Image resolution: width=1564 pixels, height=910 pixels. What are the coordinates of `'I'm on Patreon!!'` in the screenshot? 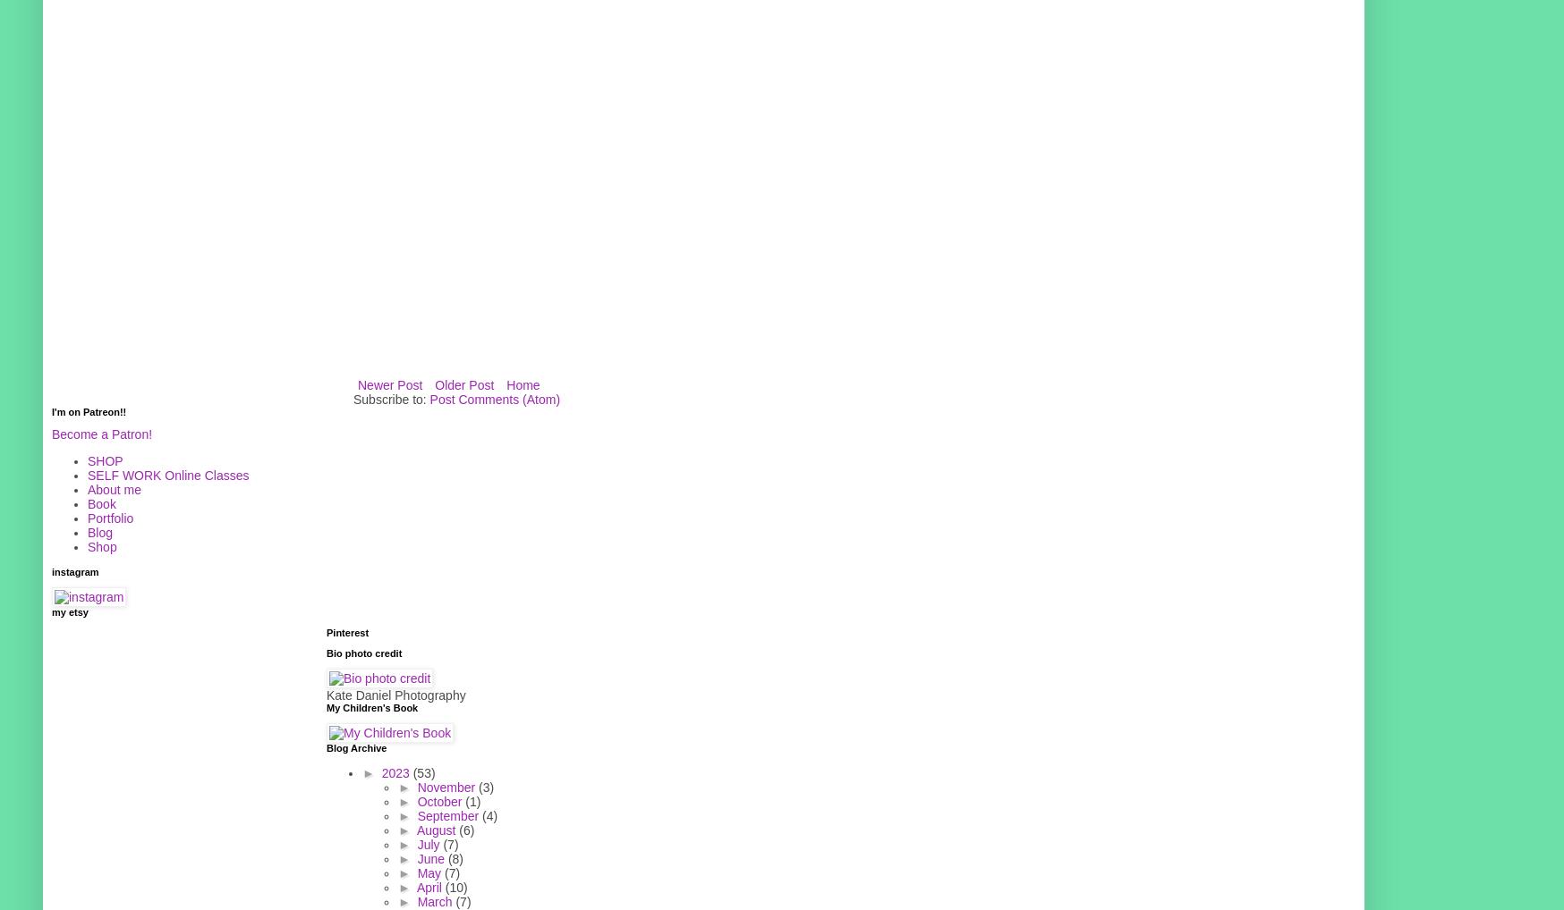 It's located at (51, 411).